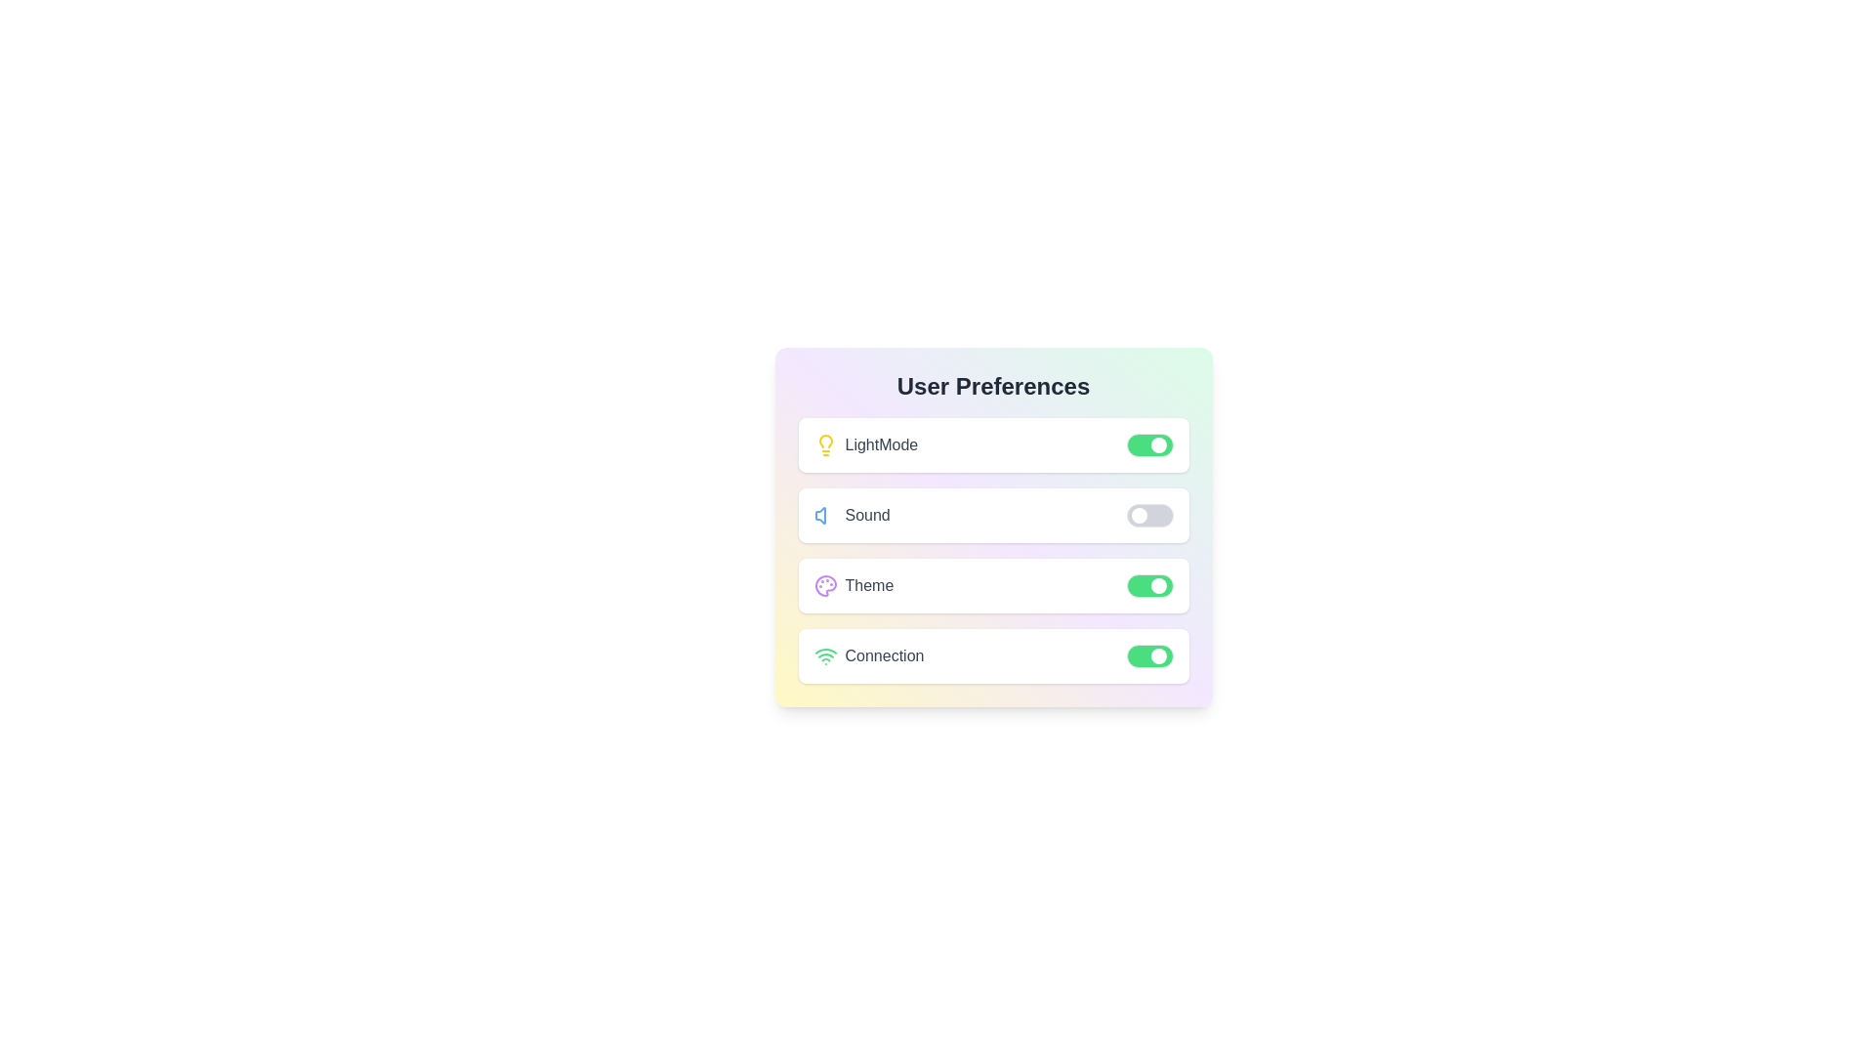 Image resolution: width=1875 pixels, height=1055 pixels. What do you see at coordinates (825, 515) in the screenshot?
I see `the blue volume icon depicted as a speaker with sound waves, located in the 'Sound' preference row of the 'User Preferences' settings panel, to the left of the 'Sound' label text and the toggle switch` at bounding box center [825, 515].